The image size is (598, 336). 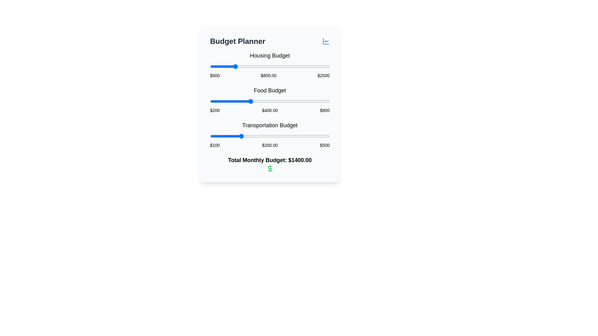 I want to click on the Food Budget slider, so click(x=229, y=101).